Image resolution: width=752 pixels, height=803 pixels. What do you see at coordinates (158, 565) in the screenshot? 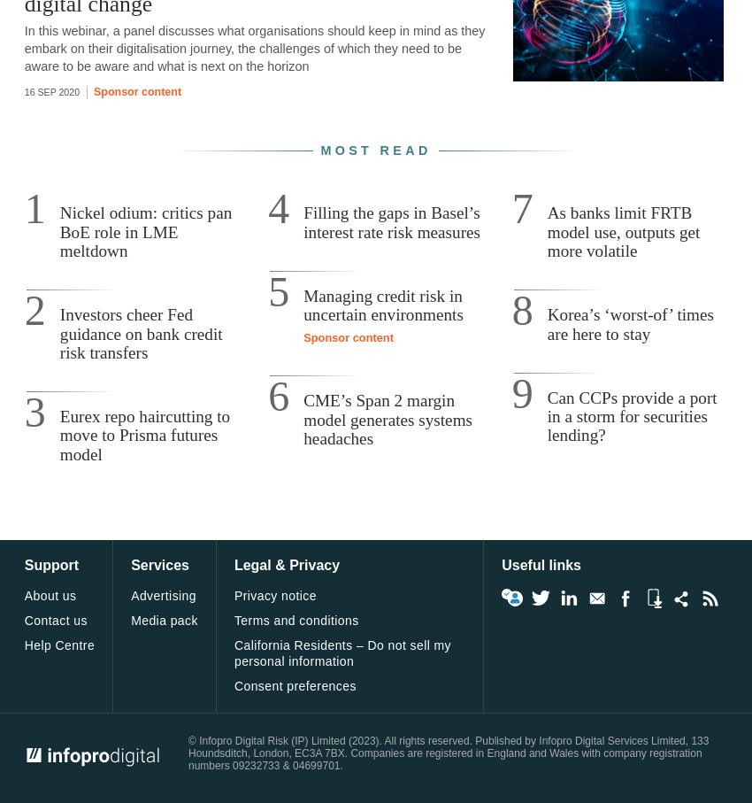
I see `'Services'` at bounding box center [158, 565].